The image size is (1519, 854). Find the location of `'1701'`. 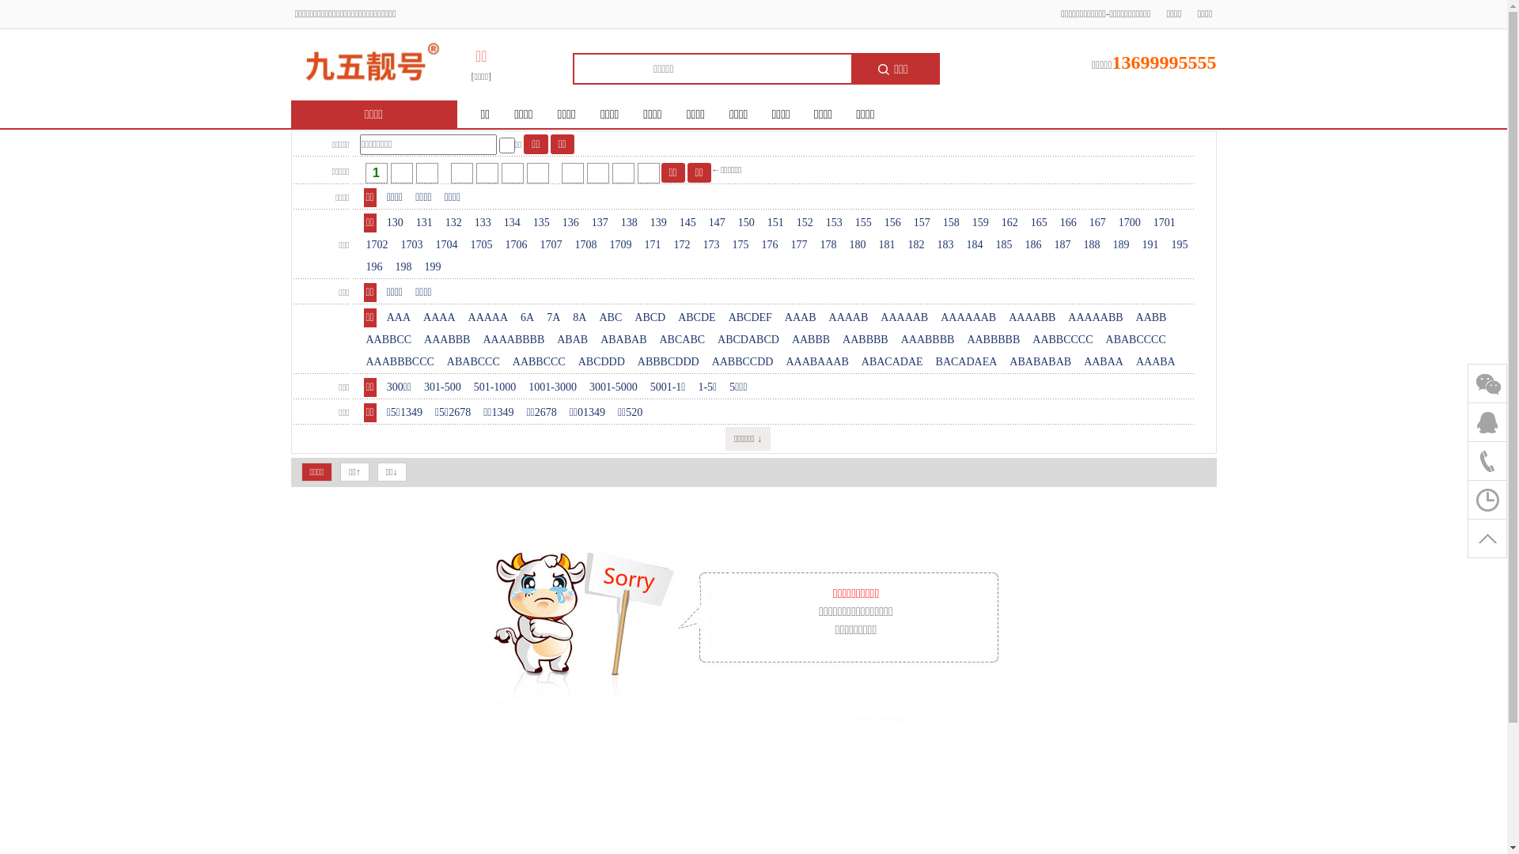

'1701' is located at coordinates (1165, 222).